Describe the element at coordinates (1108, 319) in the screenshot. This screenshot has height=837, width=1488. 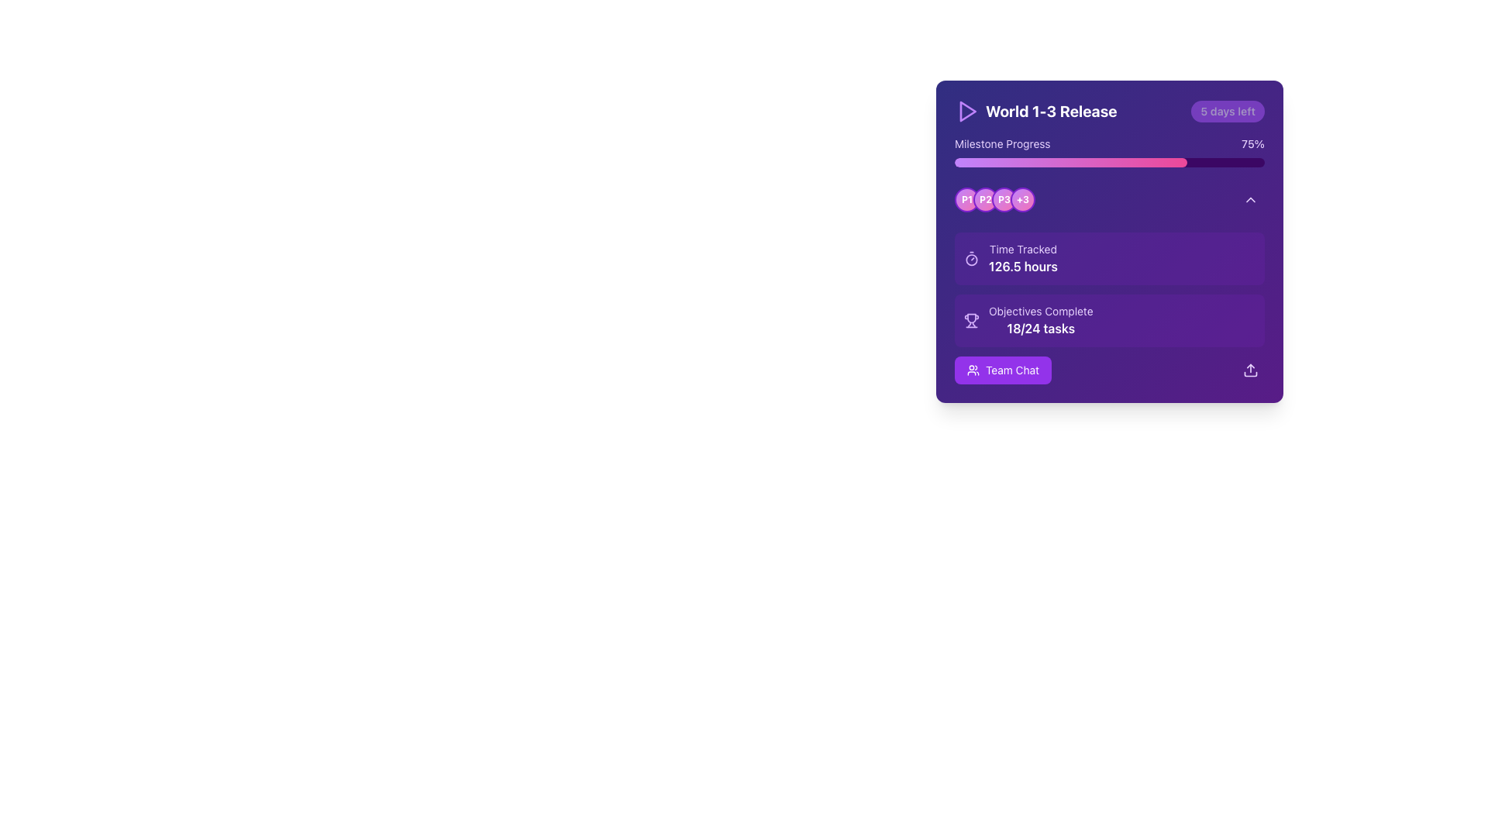
I see `trophy icon within the Card element that displays 'Objectives Complete' and '18/24 tasks', located in the purple card interface` at that location.